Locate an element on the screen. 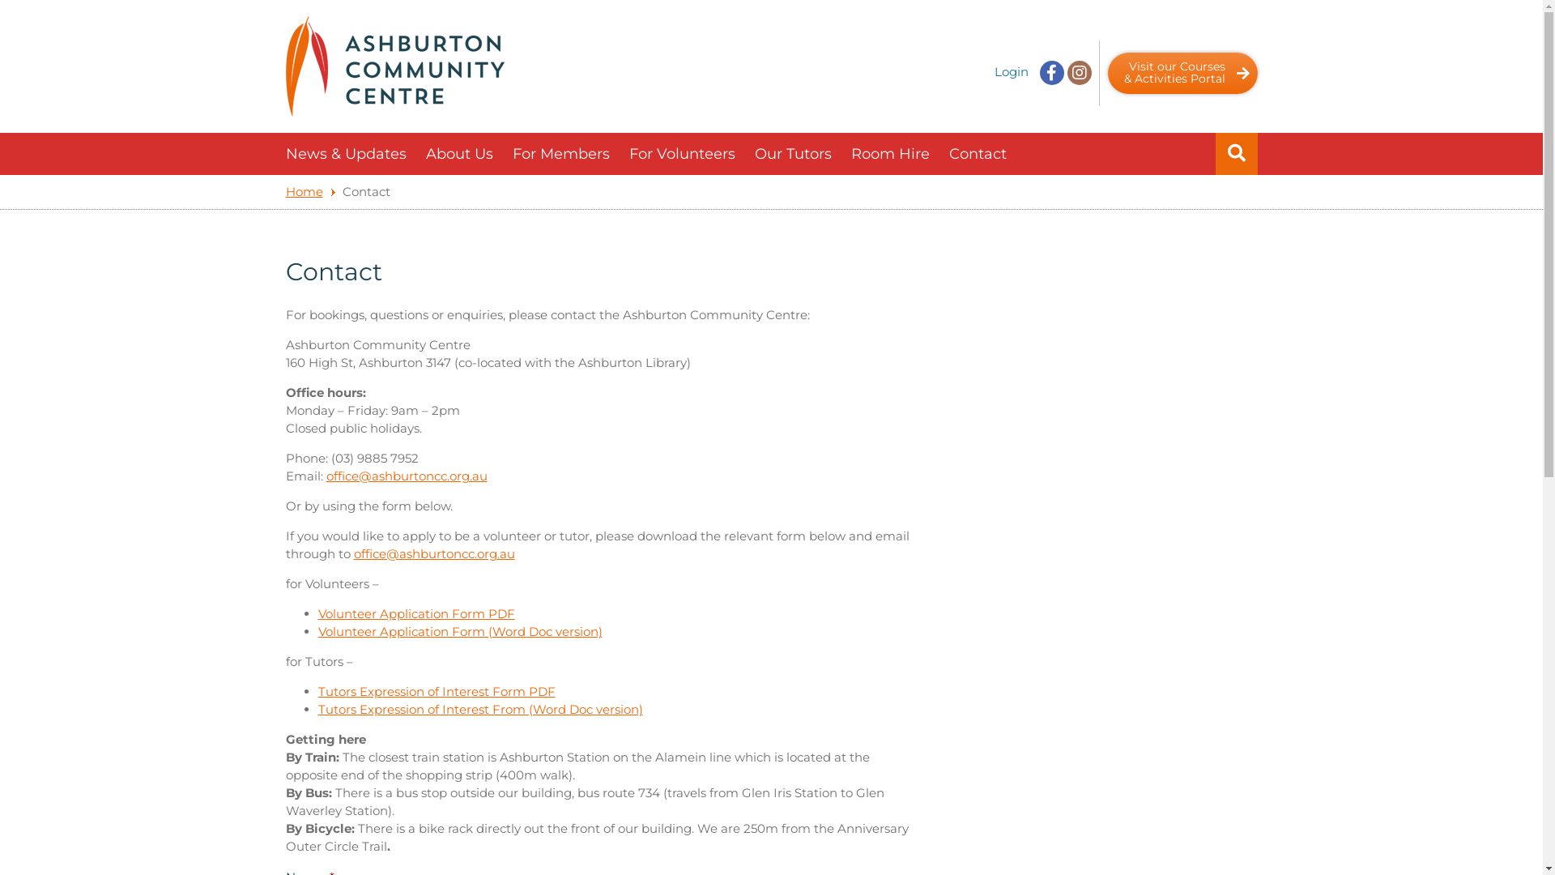 This screenshot has height=875, width=1555. 'Tutors Expression of Interest From (Word Doc version)' is located at coordinates (479, 708).